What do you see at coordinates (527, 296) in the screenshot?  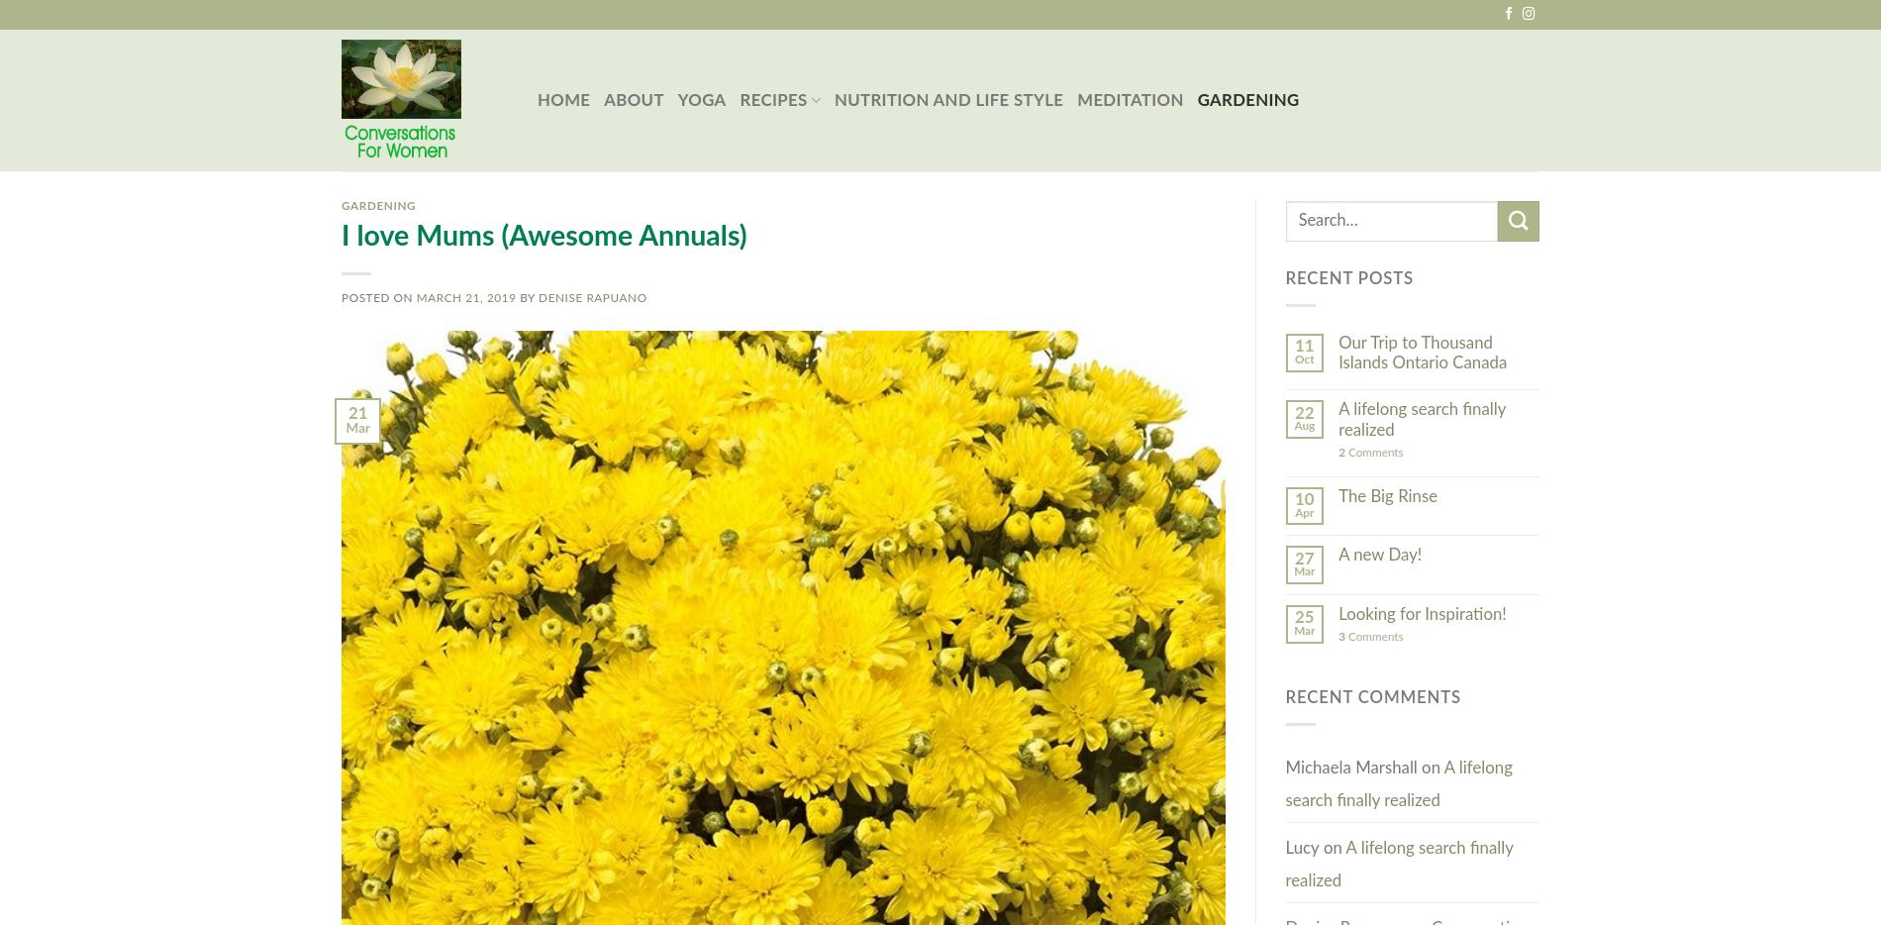 I see `'by'` at bounding box center [527, 296].